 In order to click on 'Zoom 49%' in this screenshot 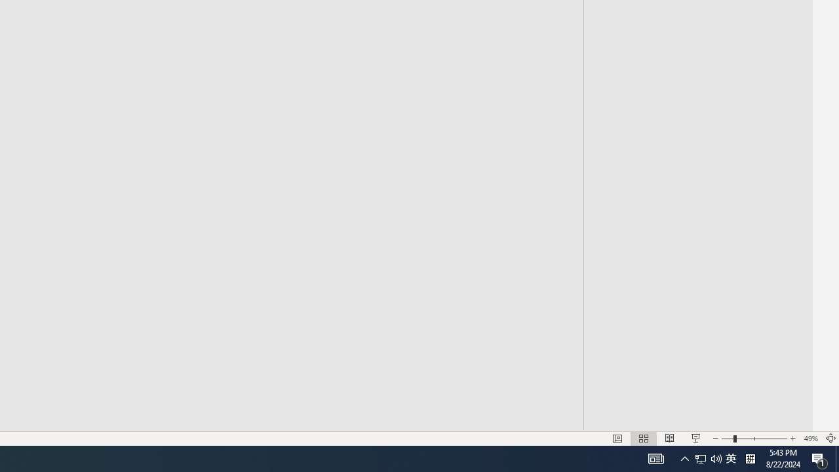, I will do `click(810, 439)`.